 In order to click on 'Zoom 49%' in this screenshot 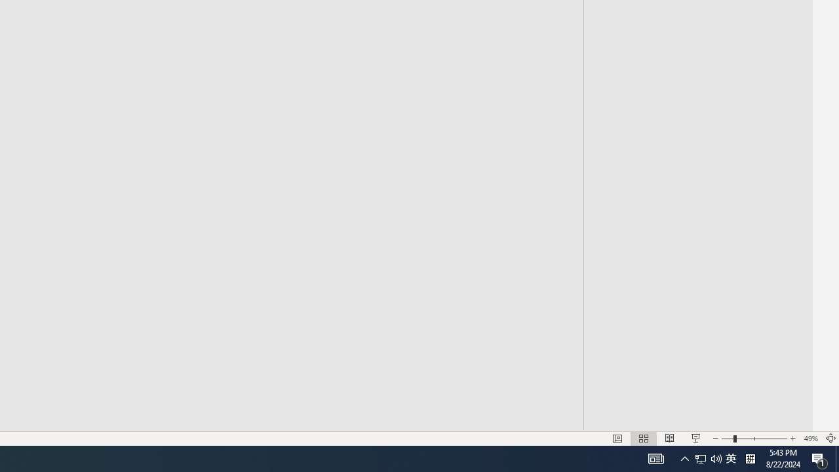, I will do `click(810, 439)`.